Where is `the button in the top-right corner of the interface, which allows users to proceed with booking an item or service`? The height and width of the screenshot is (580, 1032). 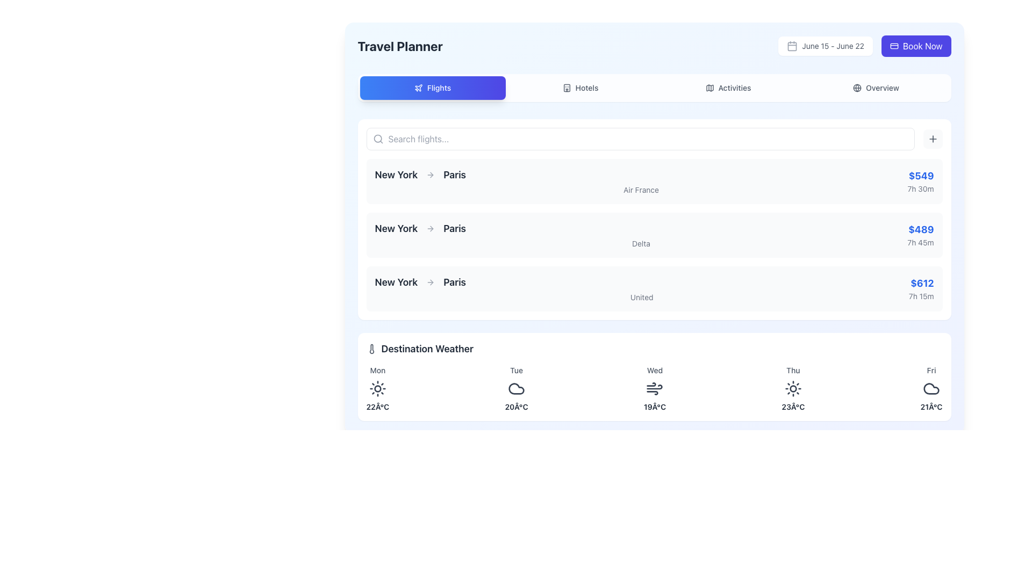
the button in the top-right corner of the interface, which allows users to proceed with booking an item or service is located at coordinates (915, 45).